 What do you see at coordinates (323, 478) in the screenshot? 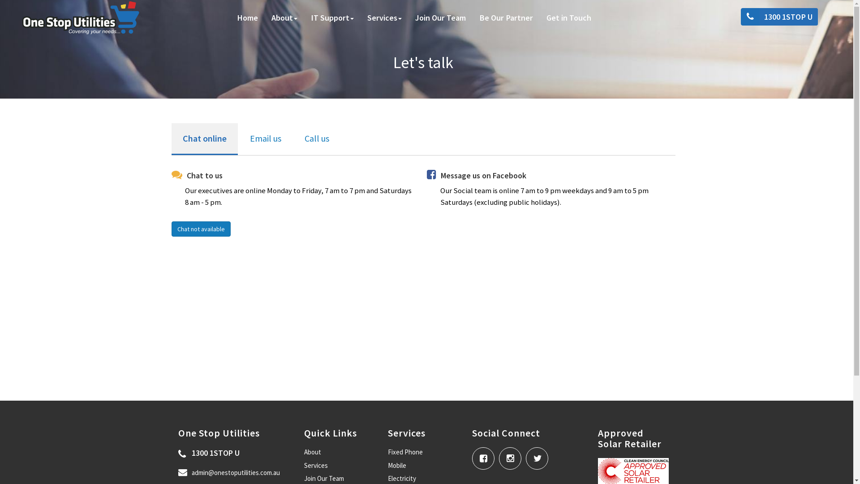
I see `'Join Our Team'` at bounding box center [323, 478].